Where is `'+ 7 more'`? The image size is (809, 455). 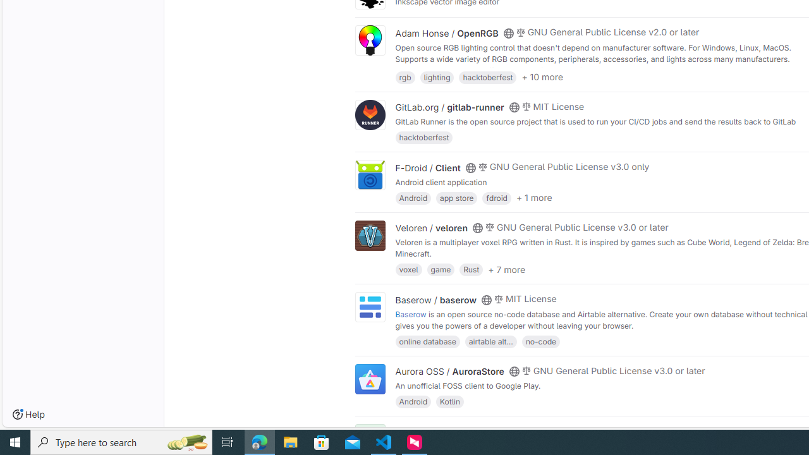
'+ 7 more' is located at coordinates (506, 268).